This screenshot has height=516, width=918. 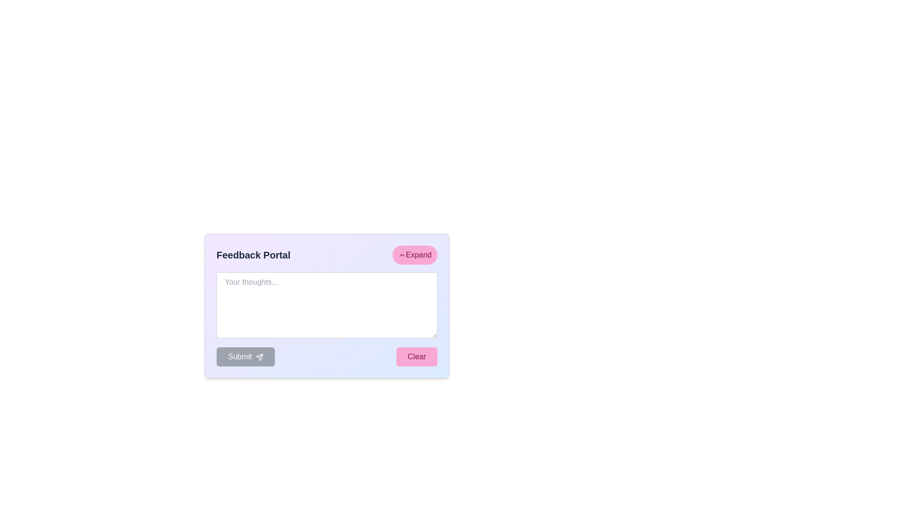 I want to click on the small upward-pointing chevron icon located on the right-hand side of the pink 'Expand' button, so click(x=402, y=254).